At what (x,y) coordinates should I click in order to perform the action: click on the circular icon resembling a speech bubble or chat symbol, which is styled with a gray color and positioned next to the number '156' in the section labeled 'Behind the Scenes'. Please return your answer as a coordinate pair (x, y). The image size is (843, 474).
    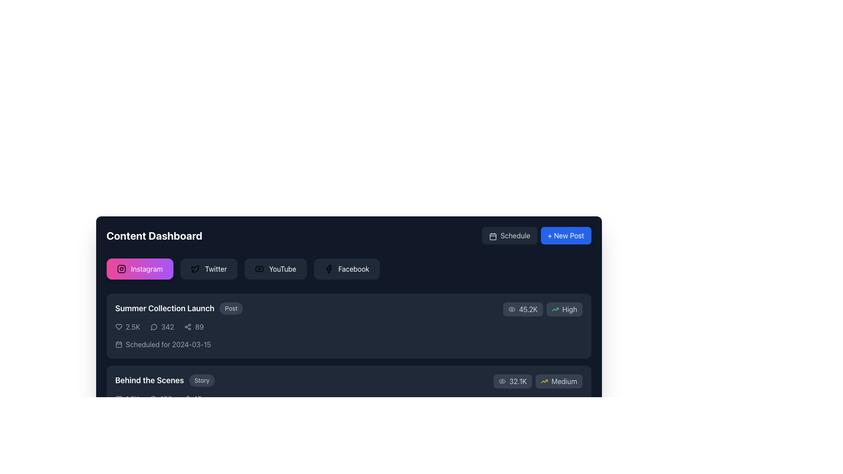
    Looking at the image, I should click on (153, 399).